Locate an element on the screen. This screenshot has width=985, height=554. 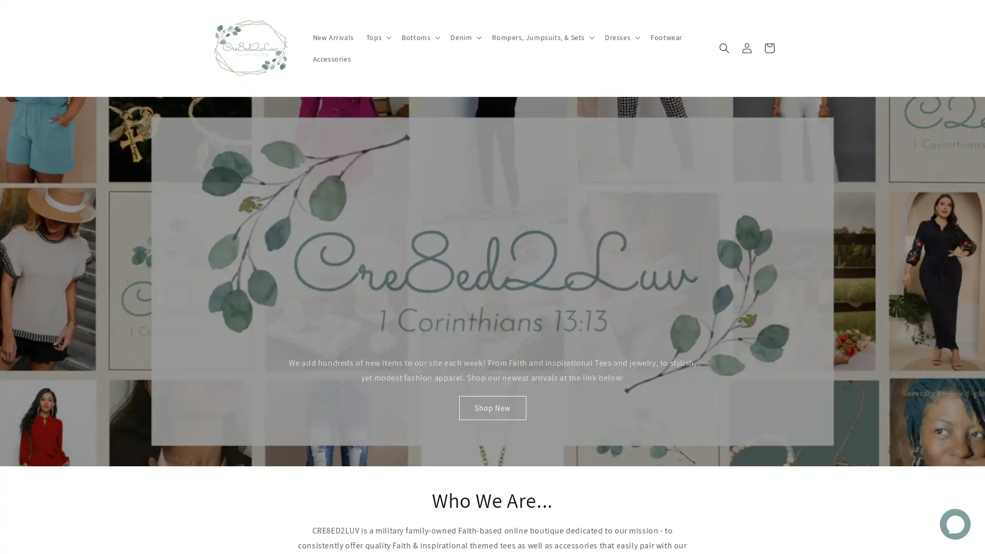
Dresses is located at coordinates (620, 71).